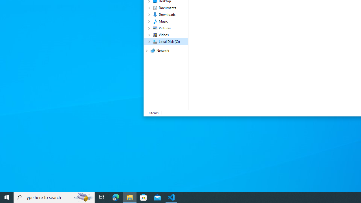 This screenshot has height=203, width=361. Describe the element at coordinates (83, 197) in the screenshot. I see `'Search highlights icon opens search home window'` at that location.